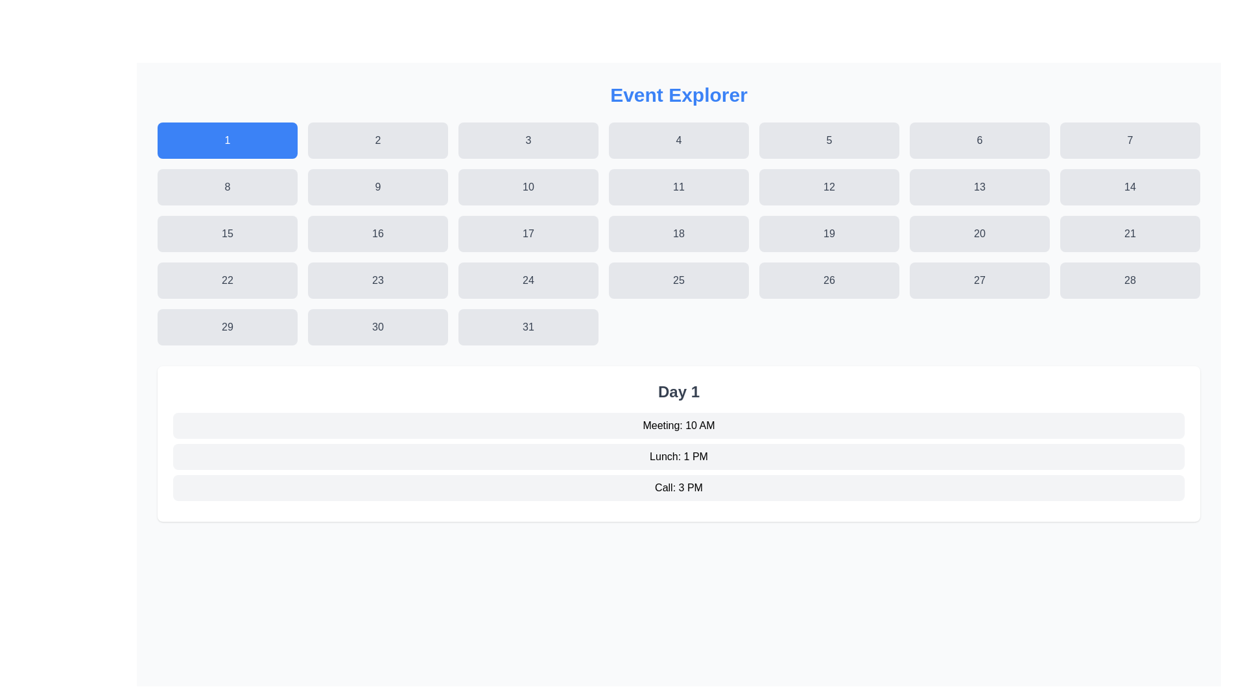  What do you see at coordinates (1129, 279) in the screenshot?
I see `the button in the last column of the fourth row of the calendar grid` at bounding box center [1129, 279].